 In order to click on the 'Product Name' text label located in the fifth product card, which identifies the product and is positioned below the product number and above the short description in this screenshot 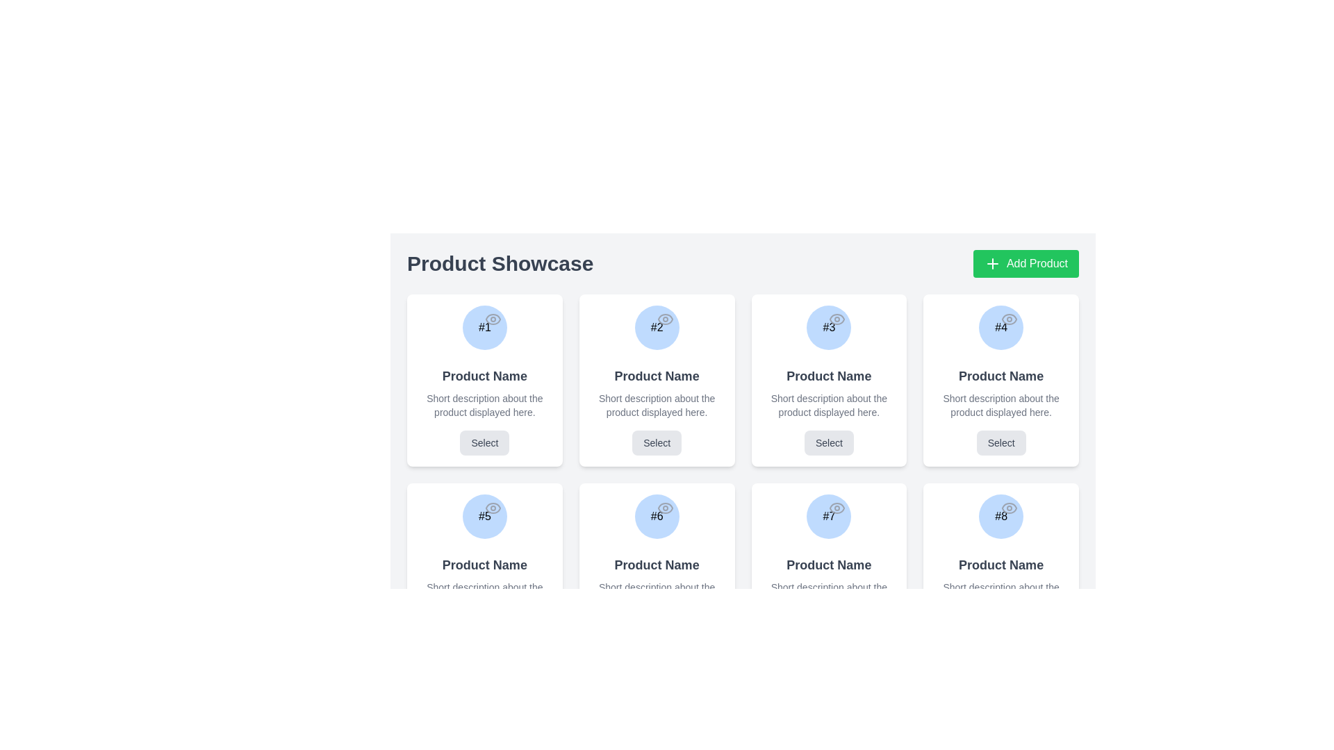, I will do `click(484, 565)`.